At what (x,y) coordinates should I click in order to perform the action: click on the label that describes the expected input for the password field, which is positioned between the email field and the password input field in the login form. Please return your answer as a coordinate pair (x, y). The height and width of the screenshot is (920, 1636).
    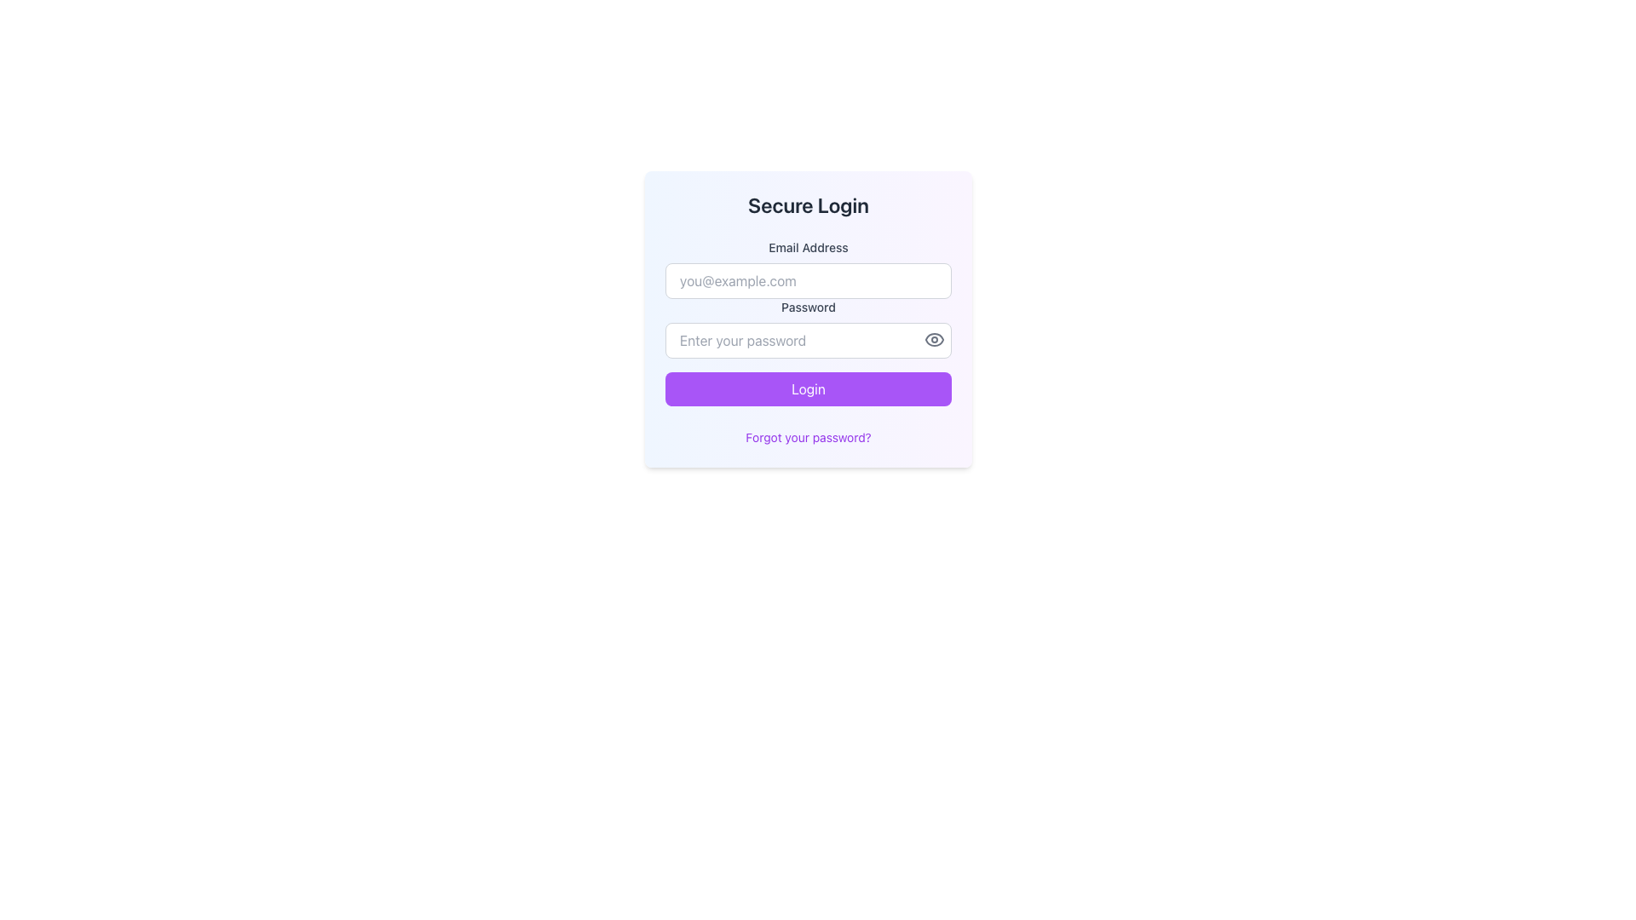
    Looking at the image, I should click on (808, 308).